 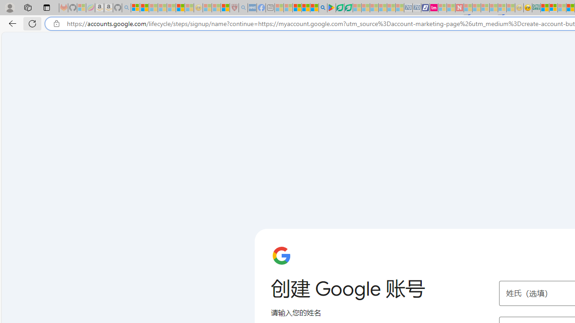 What do you see at coordinates (407, 8) in the screenshot?
I see `'Cheap Car Rentals - Save70.com - Sleeping'` at bounding box center [407, 8].